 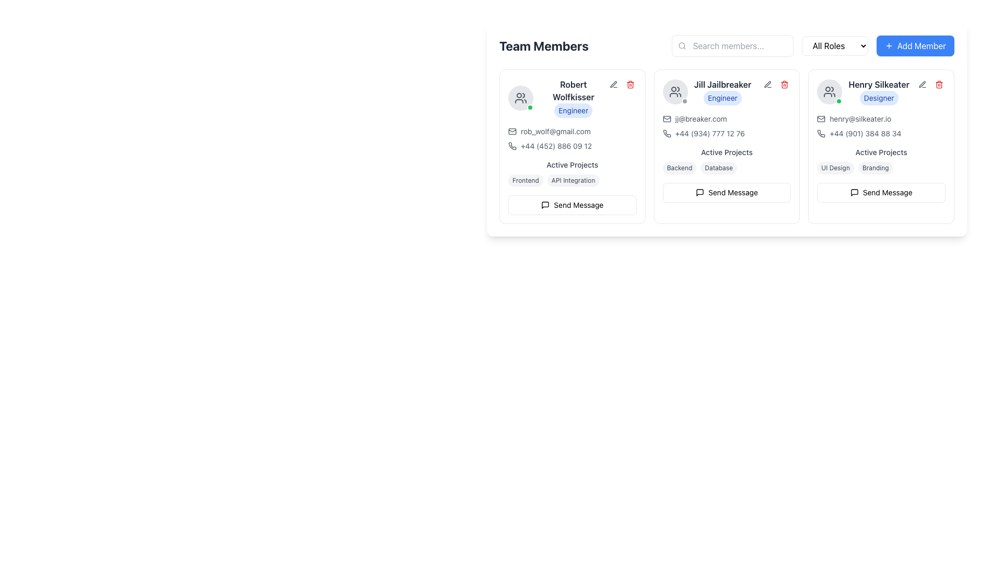 What do you see at coordinates (839, 101) in the screenshot?
I see `the green circular Status Indicator located at the bottom-right corner of Henry Silkeater's profile image` at bounding box center [839, 101].